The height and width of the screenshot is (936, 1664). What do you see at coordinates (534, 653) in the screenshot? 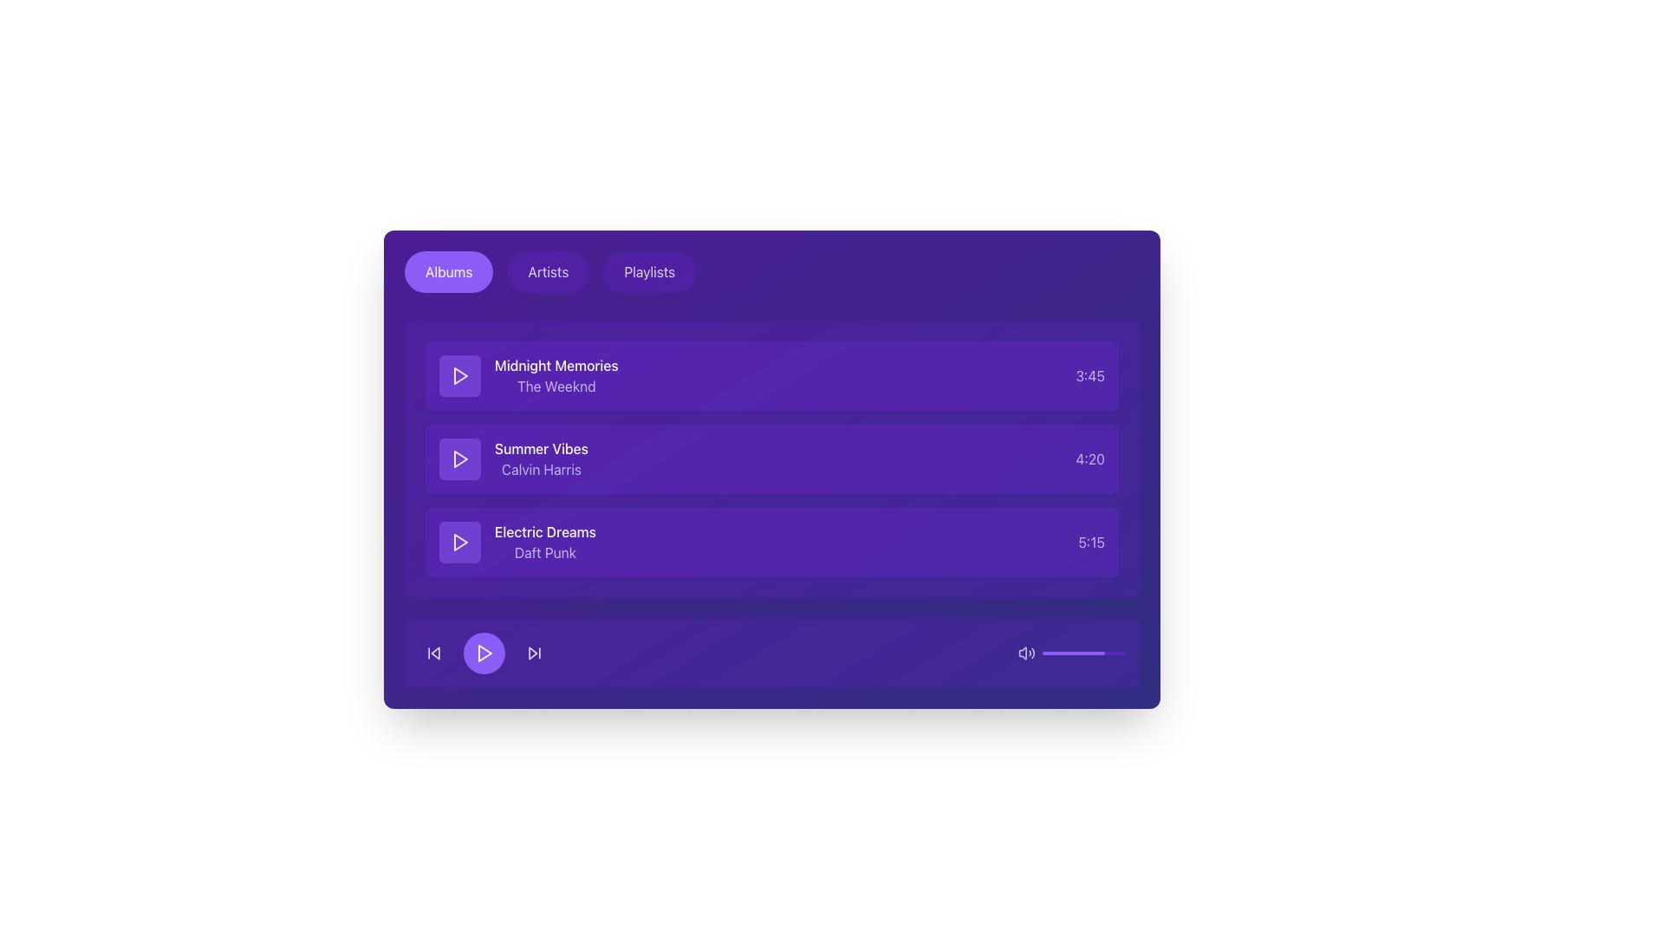
I see `the rightmost control button in the player interface to skip to the next item in the playlist` at bounding box center [534, 653].